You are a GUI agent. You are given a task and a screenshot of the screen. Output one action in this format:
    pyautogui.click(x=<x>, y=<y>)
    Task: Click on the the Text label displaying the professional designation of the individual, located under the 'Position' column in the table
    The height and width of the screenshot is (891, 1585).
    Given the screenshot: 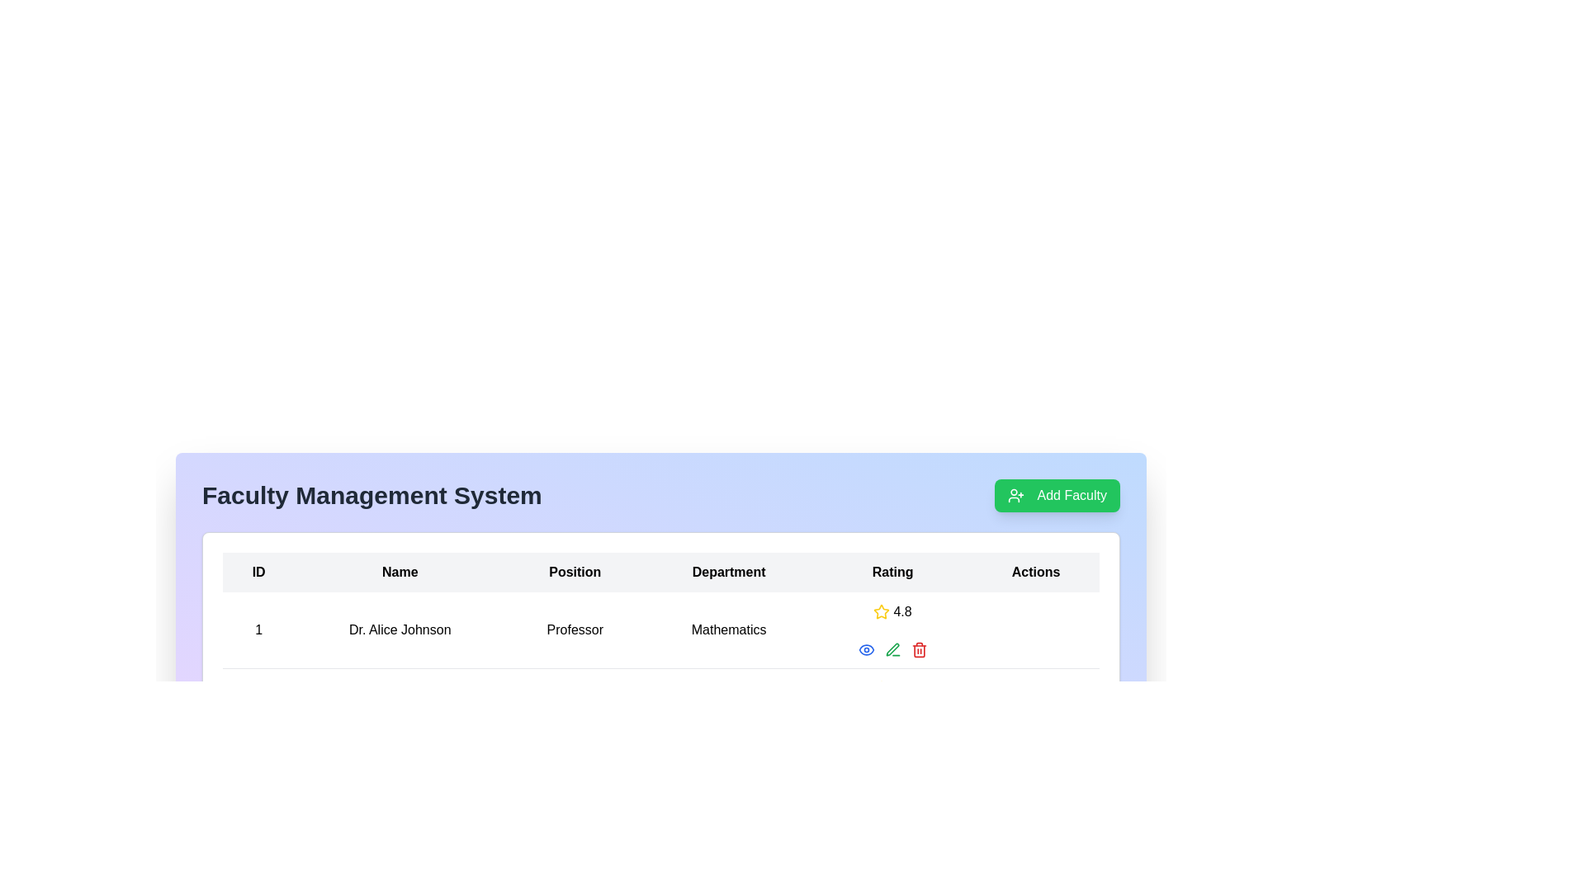 What is the action you would take?
    pyautogui.click(x=575, y=630)
    